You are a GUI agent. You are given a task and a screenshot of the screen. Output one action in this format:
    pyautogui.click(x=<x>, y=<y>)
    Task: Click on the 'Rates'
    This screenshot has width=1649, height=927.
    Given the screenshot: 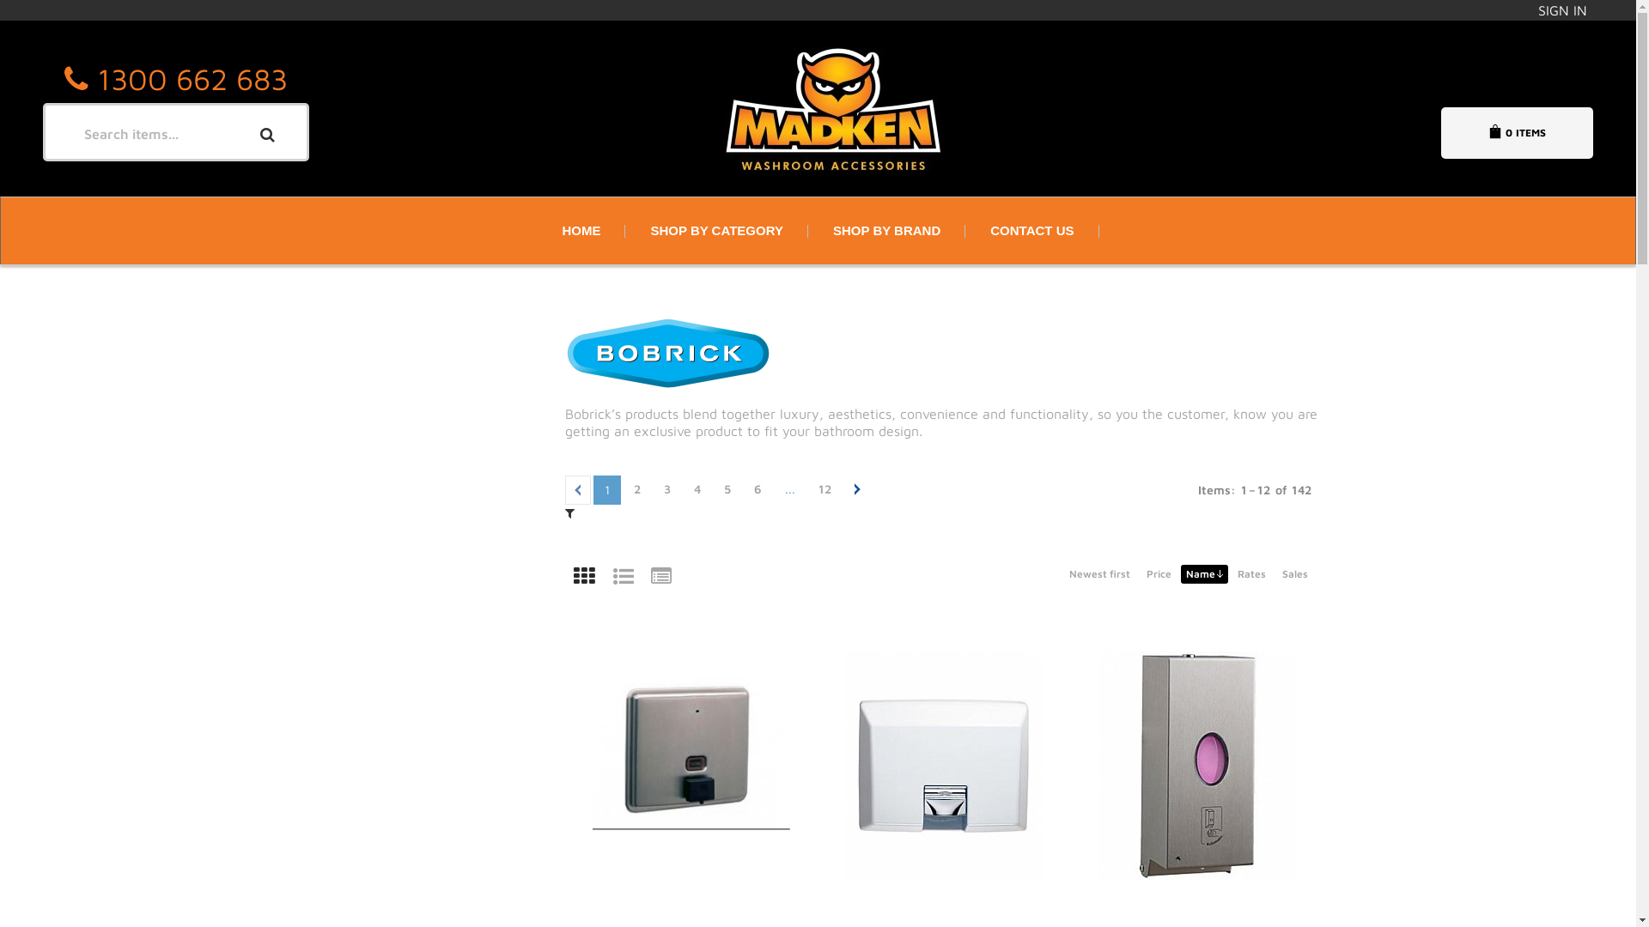 What is the action you would take?
    pyautogui.click(x=1250, y=573)
    